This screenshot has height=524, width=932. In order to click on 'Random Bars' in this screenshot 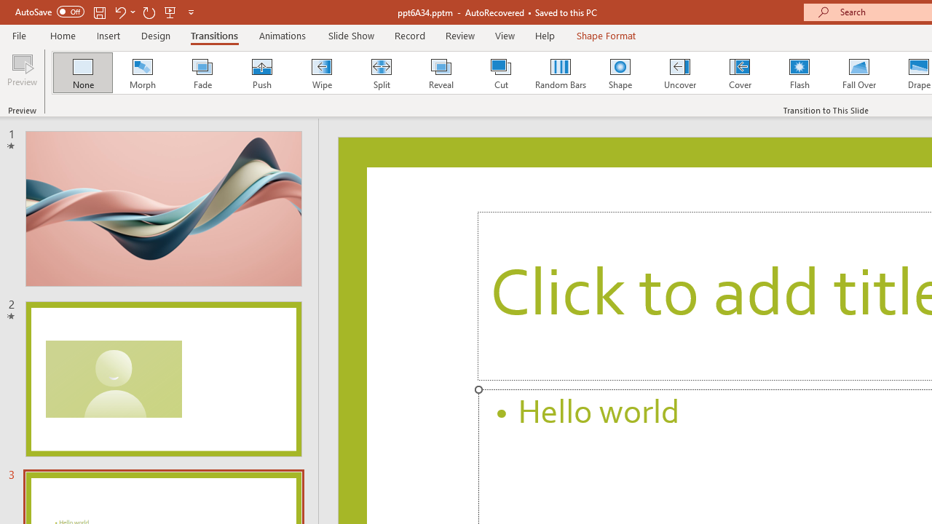, I will do `click(560, 73)`.